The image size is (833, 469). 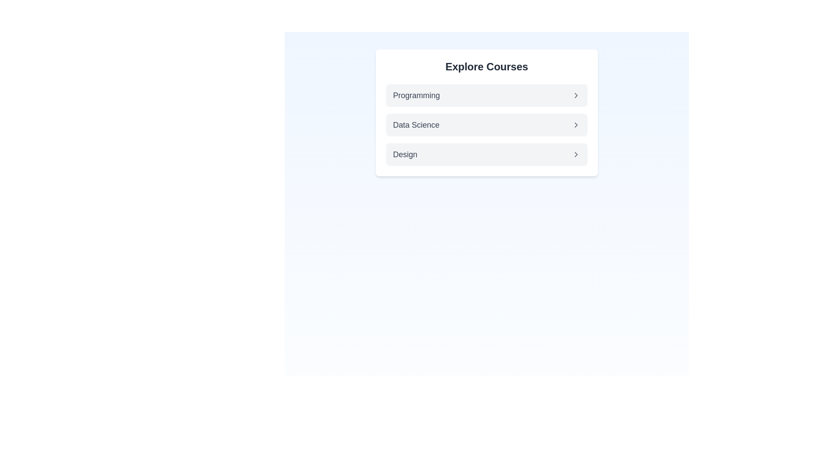 I want to click on the navigation panel containing categories like 'Programming,' 'Data Science,' and 'Design' located near the top of the viewport, so click(x=487, y=112).